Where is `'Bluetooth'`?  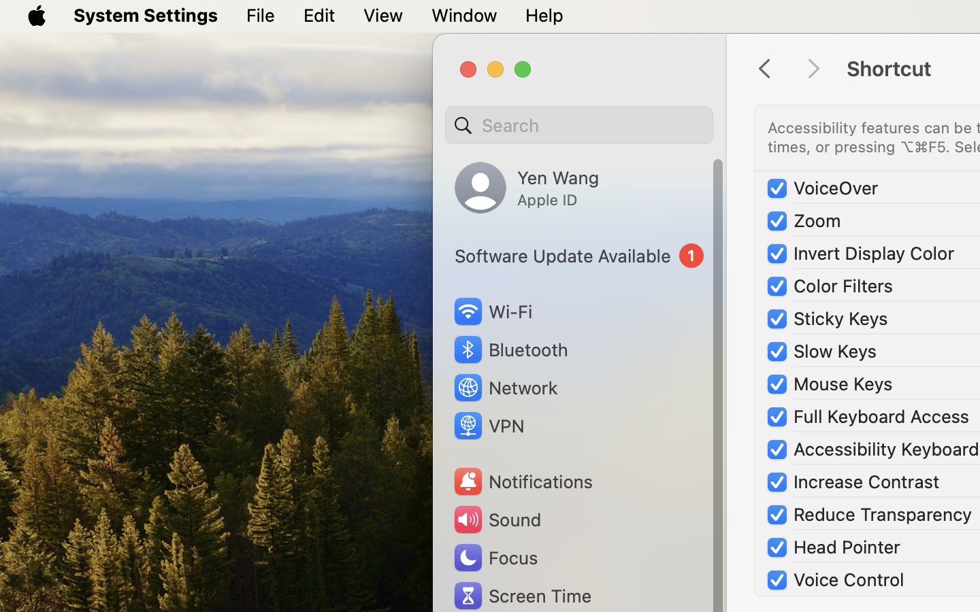 'Bluetooth' is located at coordinates (509, 348).